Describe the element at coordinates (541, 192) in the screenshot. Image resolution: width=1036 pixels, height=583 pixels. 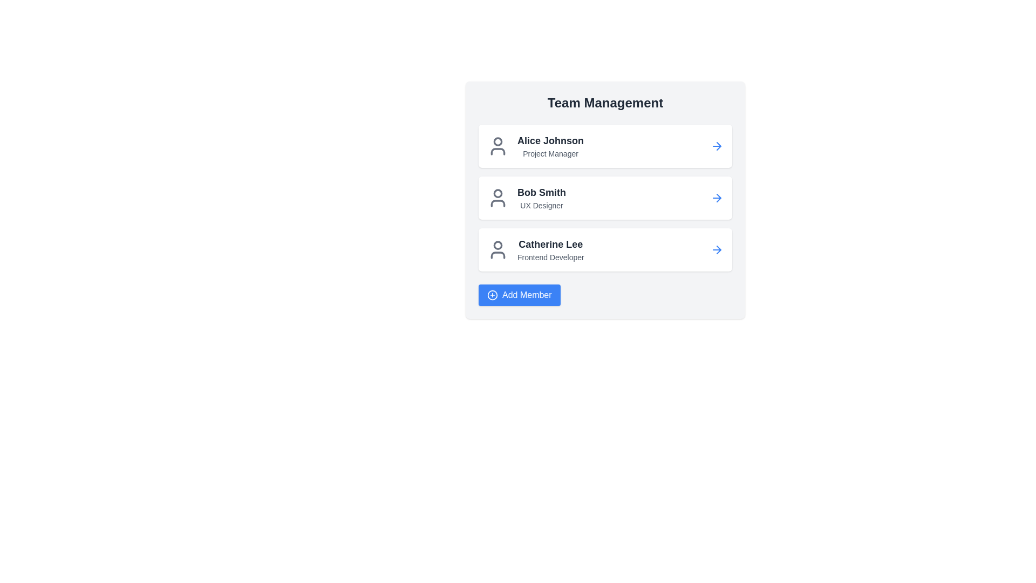
I see `the text label displaying 'Bob Smith', which is in bold, dark-gray font and positioned below 'Alice Johnson' and above 'Catherine Lee'` at that location.